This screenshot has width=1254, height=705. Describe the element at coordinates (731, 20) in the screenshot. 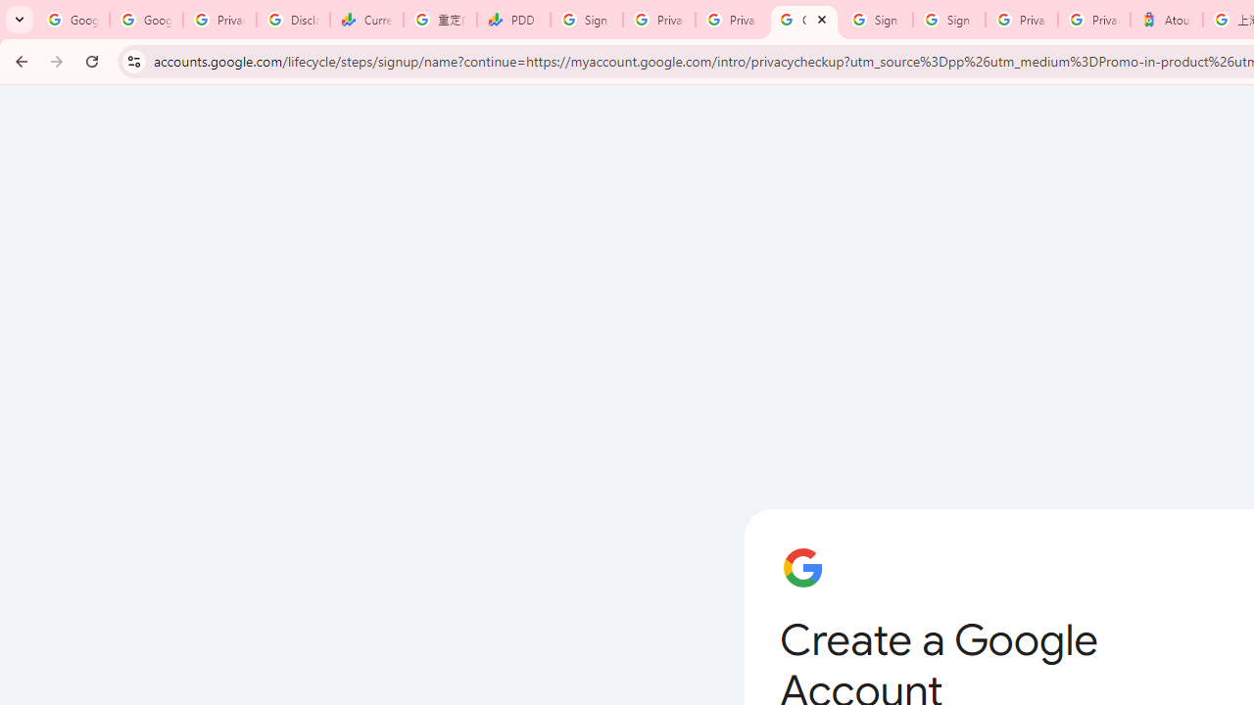

I see `'Privacy Checkup'` at that location.